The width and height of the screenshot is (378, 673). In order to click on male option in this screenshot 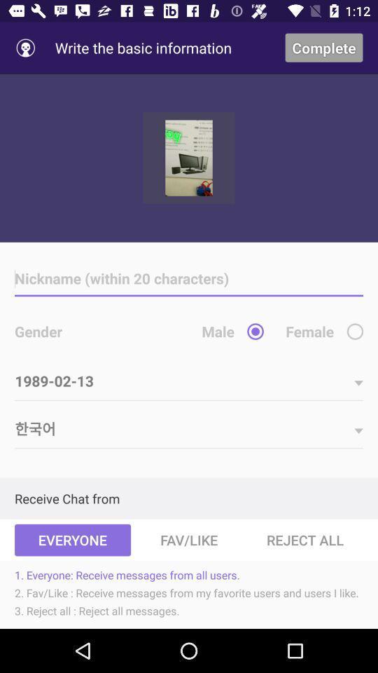, I will do `click(255, 332)`.